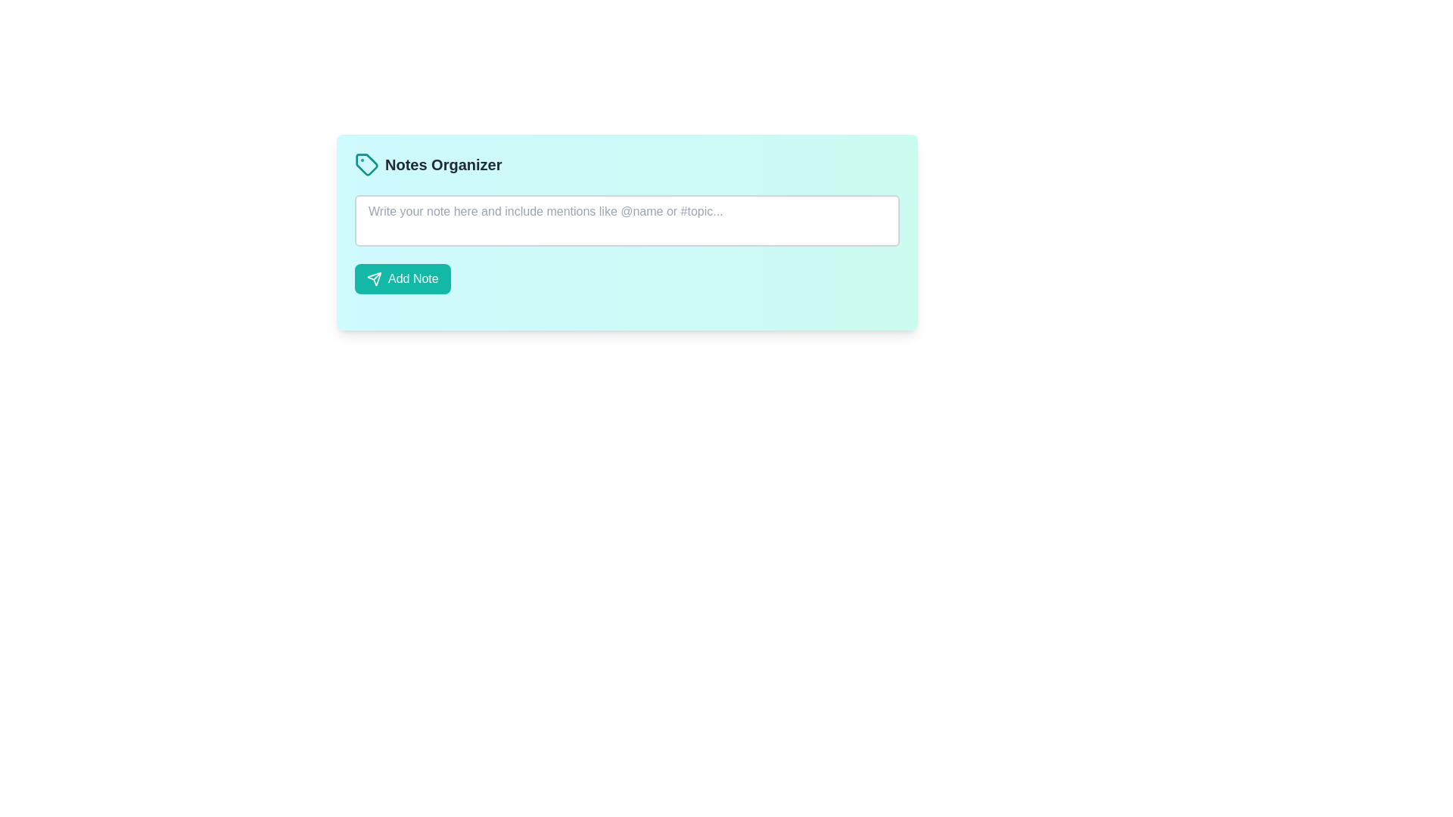  What do you see at coordinates (627, 221) in the screenshot?
I see `the text input area for notes, positioned directly below the 'Notes Organizer' heading, to focus on it` at bounding box center [627, 221].